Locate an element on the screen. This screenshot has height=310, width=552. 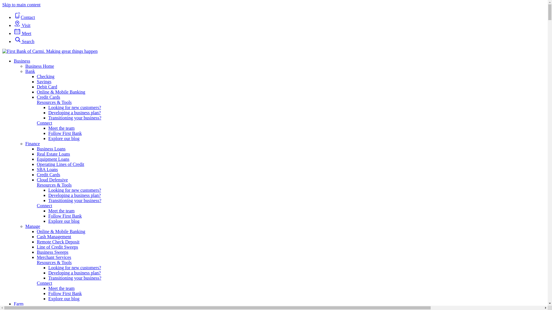
'Business Home' is located at coordinates (25, 66).